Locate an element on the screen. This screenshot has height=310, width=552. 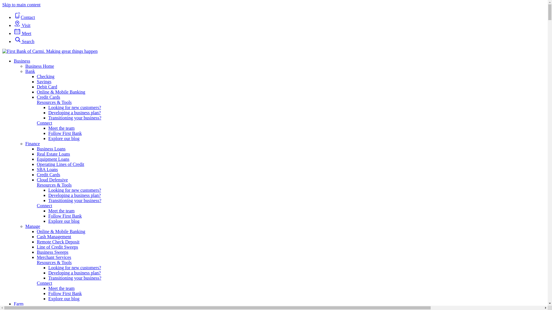
'Business Home' is located at coordinates (25, 66).